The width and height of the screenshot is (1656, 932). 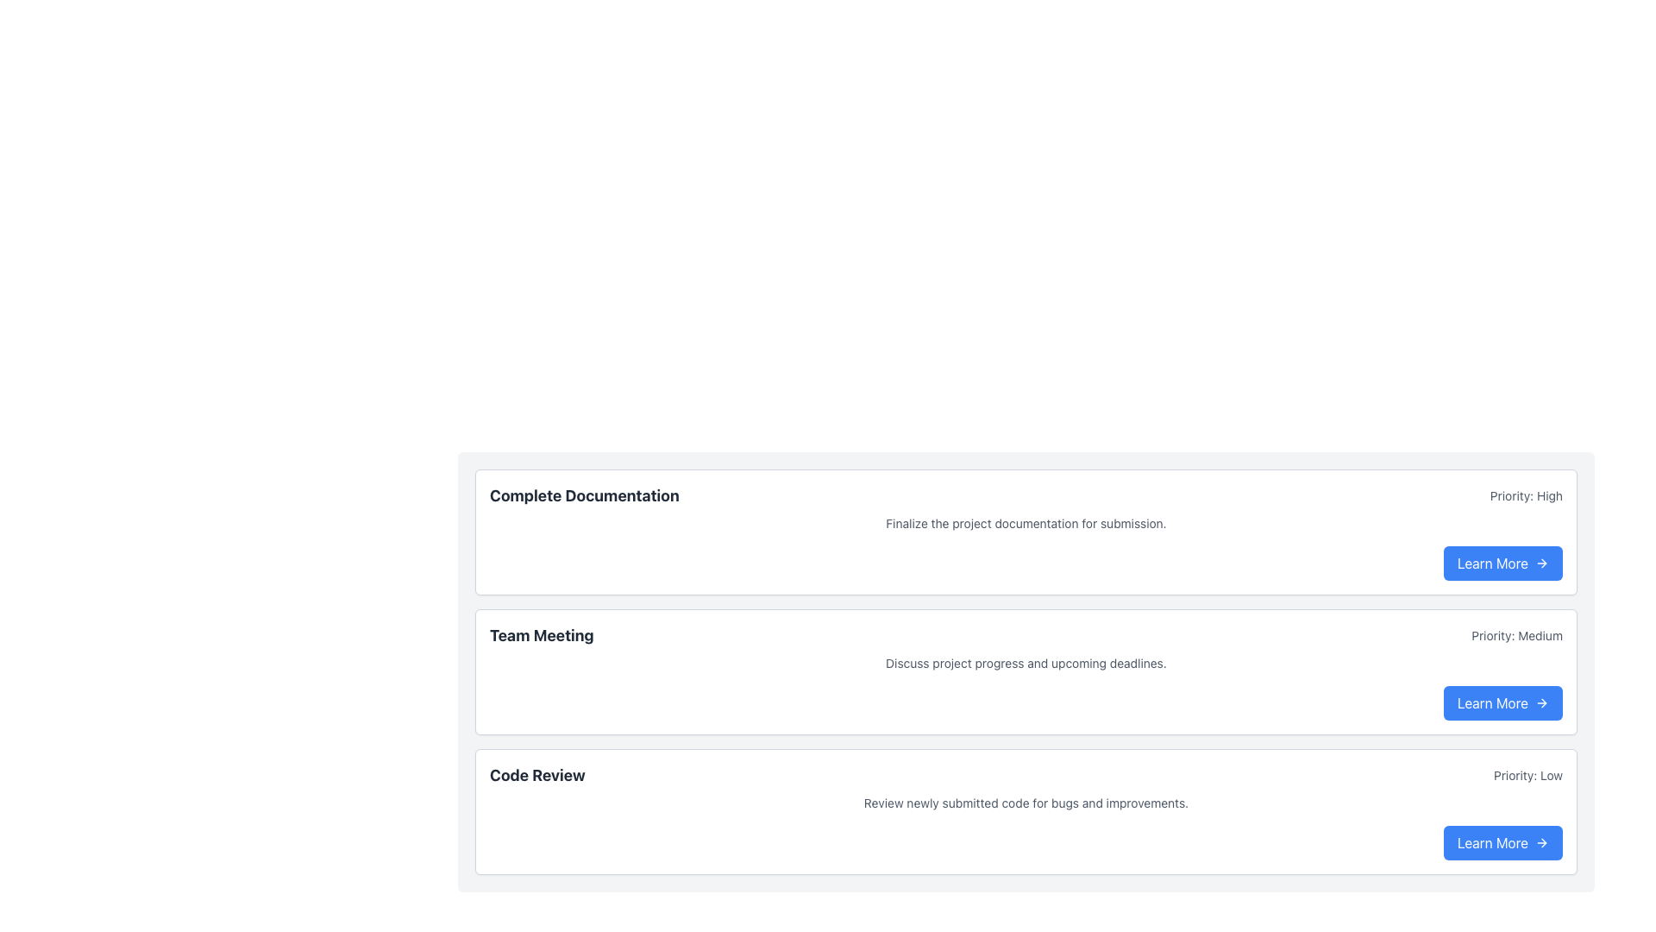 What do you see at coordinates (536, 774) in the screenshot?
I see `the Text label that serves as the title for the 'Code Review' task card, located at the bottommost card in a vertical list of task cards` at bounding box center [536, 774].